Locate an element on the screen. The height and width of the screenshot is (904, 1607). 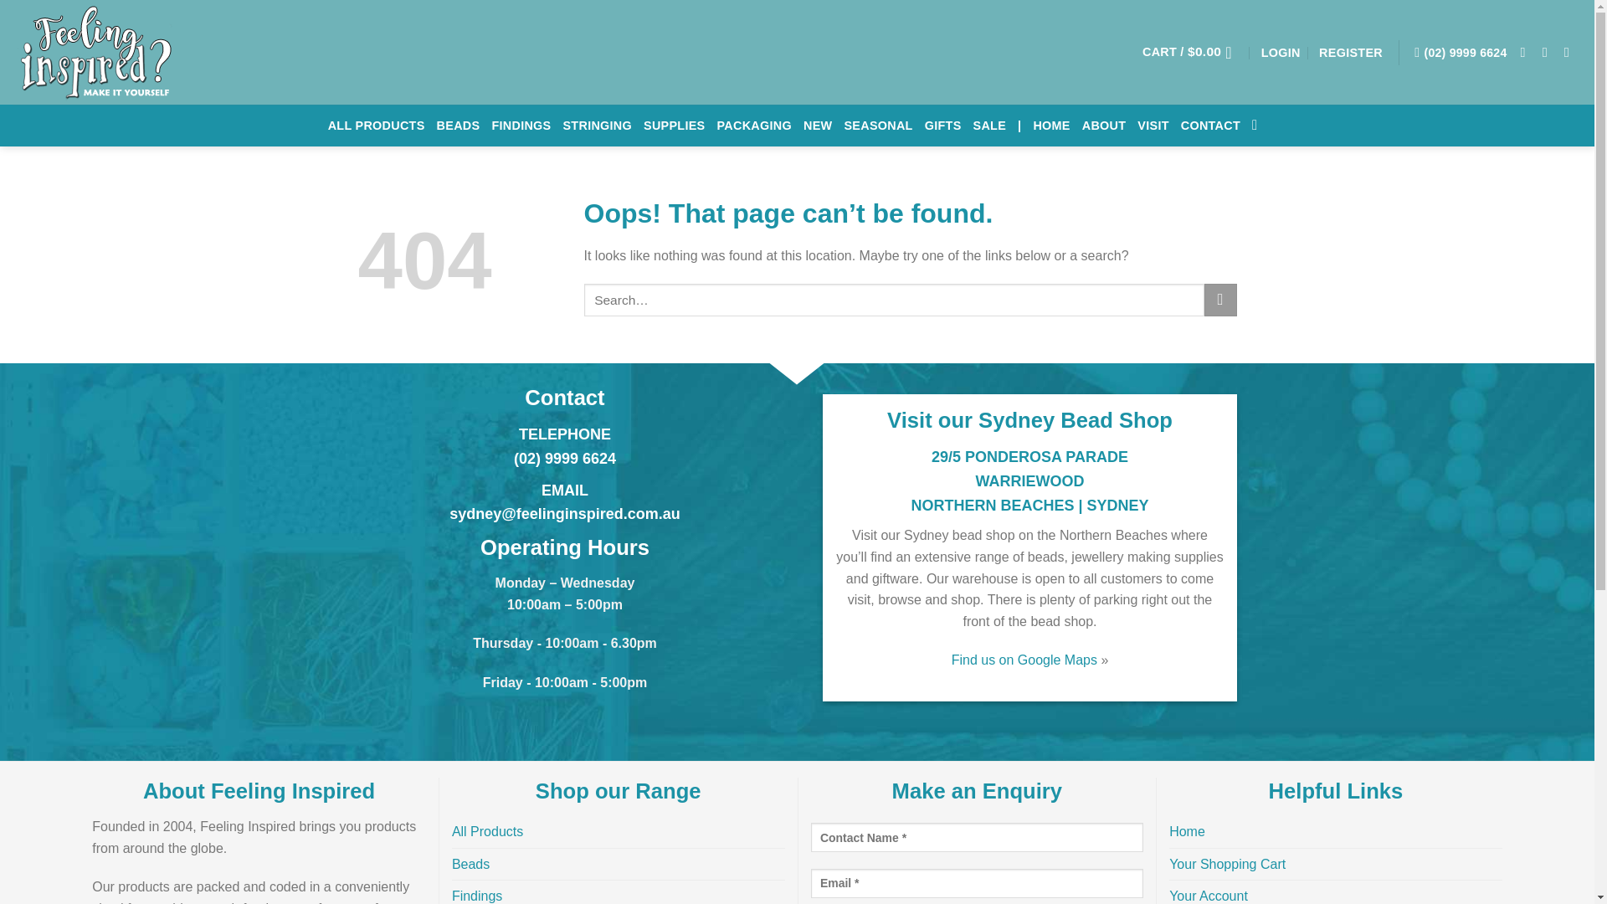
'CART / $0.00' is located at coordinates (1141, 50).